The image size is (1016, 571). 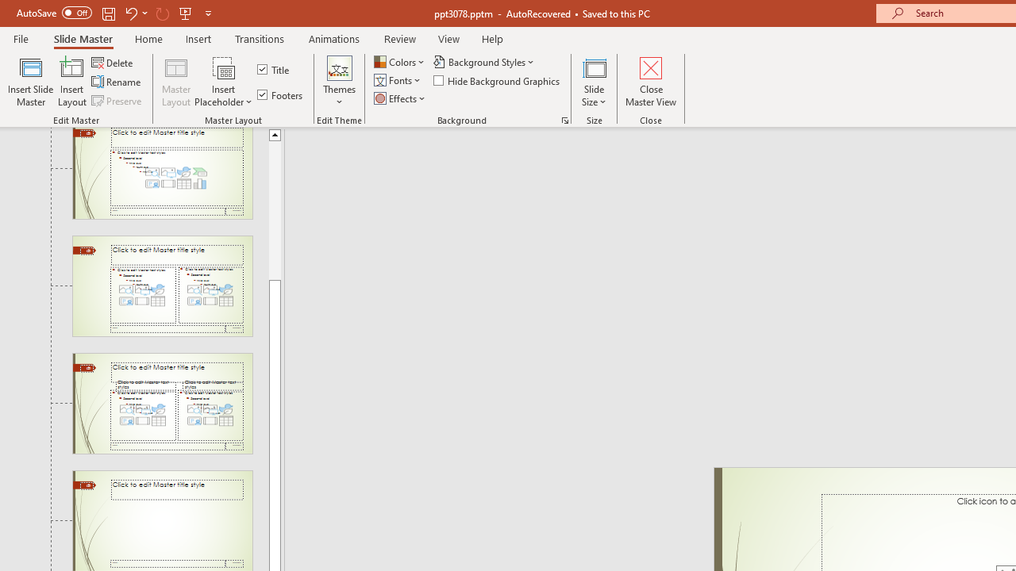 What do you see at coordinates (399, 80) in the screenshot?
I see `'Fonts'` at bounding box center [399, 80].